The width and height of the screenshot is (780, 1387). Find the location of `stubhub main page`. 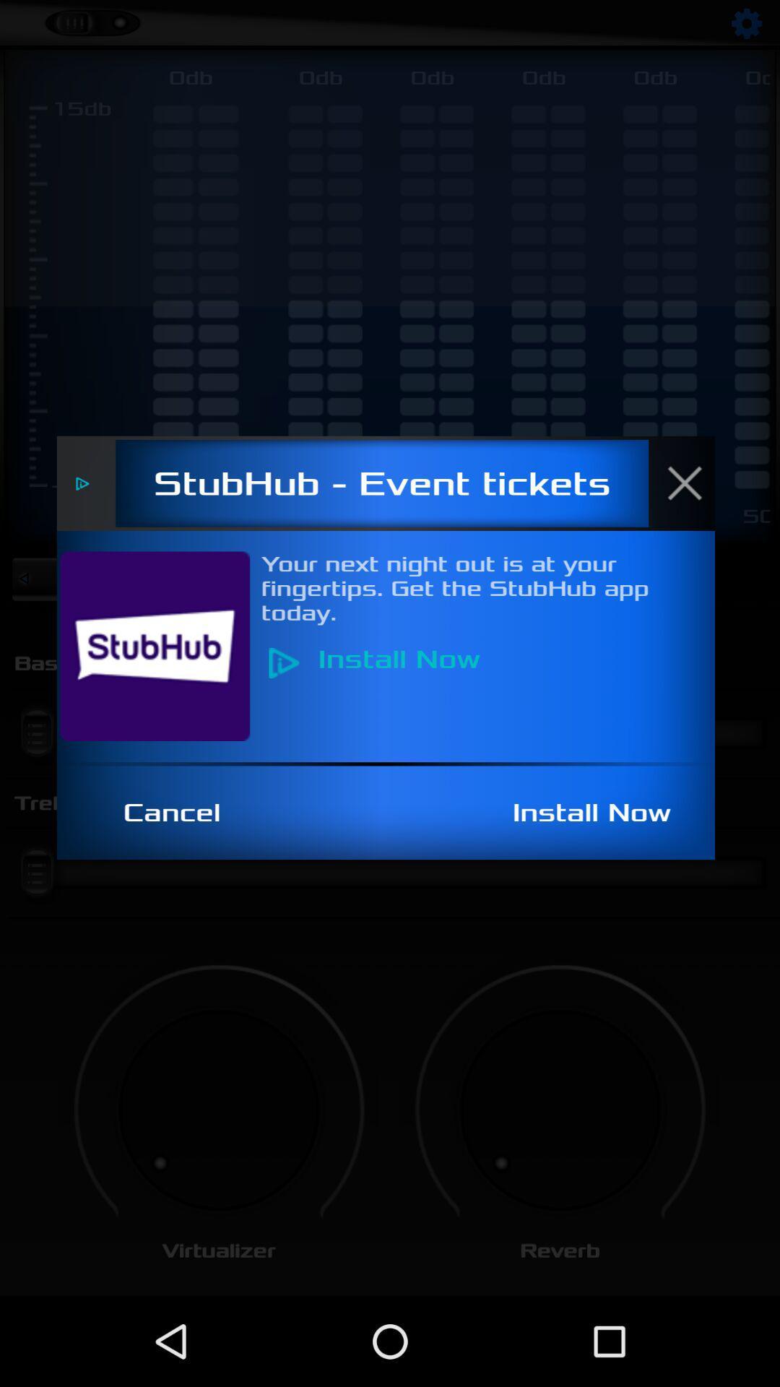

stubhub main page is located at coordinates (162, 645).